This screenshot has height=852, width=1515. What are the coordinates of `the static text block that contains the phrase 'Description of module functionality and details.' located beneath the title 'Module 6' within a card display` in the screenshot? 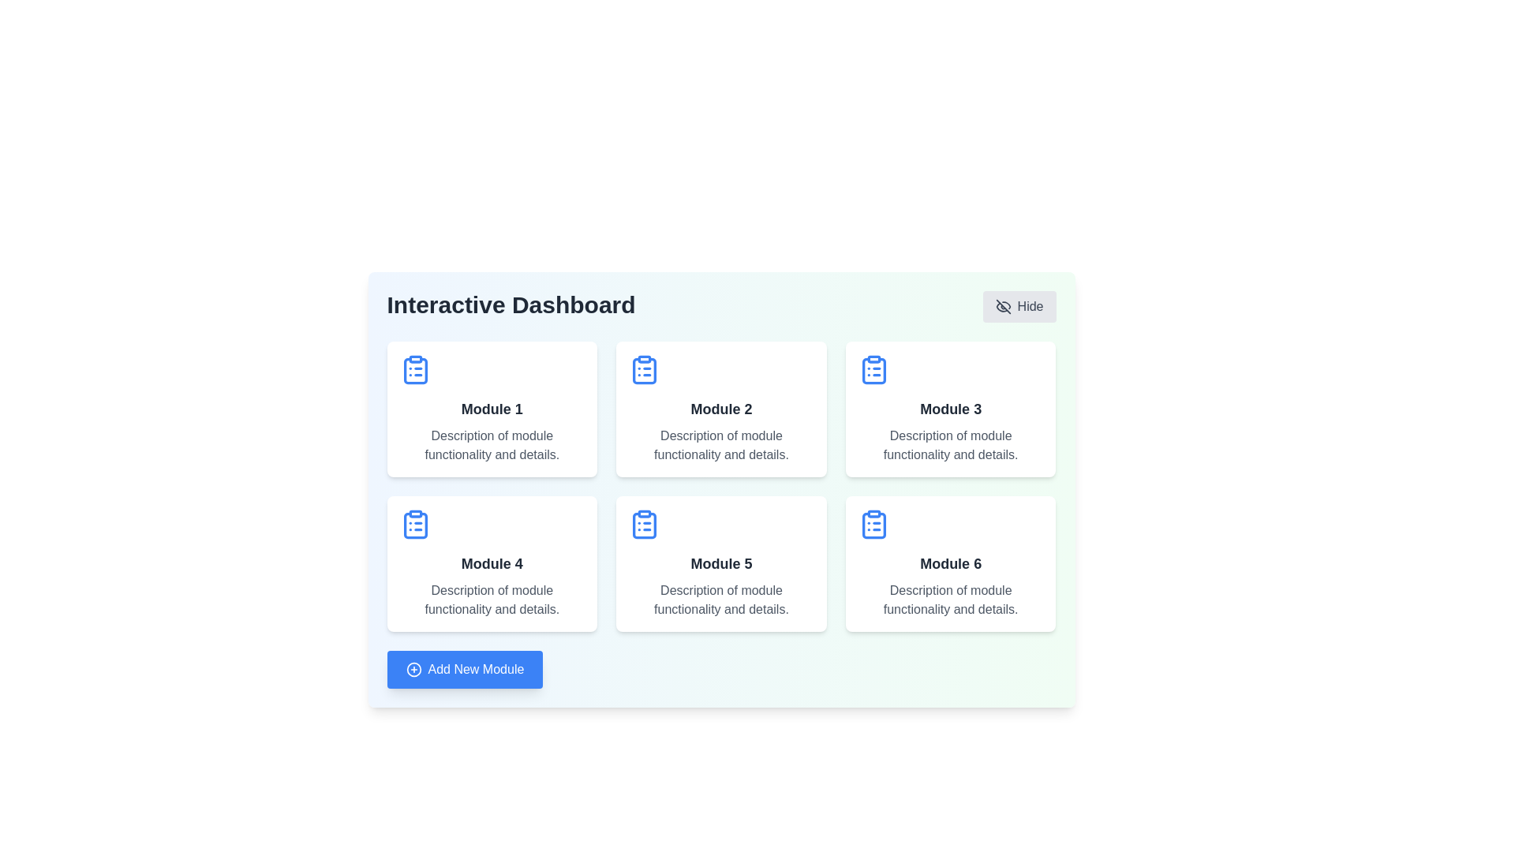 It's located at (950, 600).